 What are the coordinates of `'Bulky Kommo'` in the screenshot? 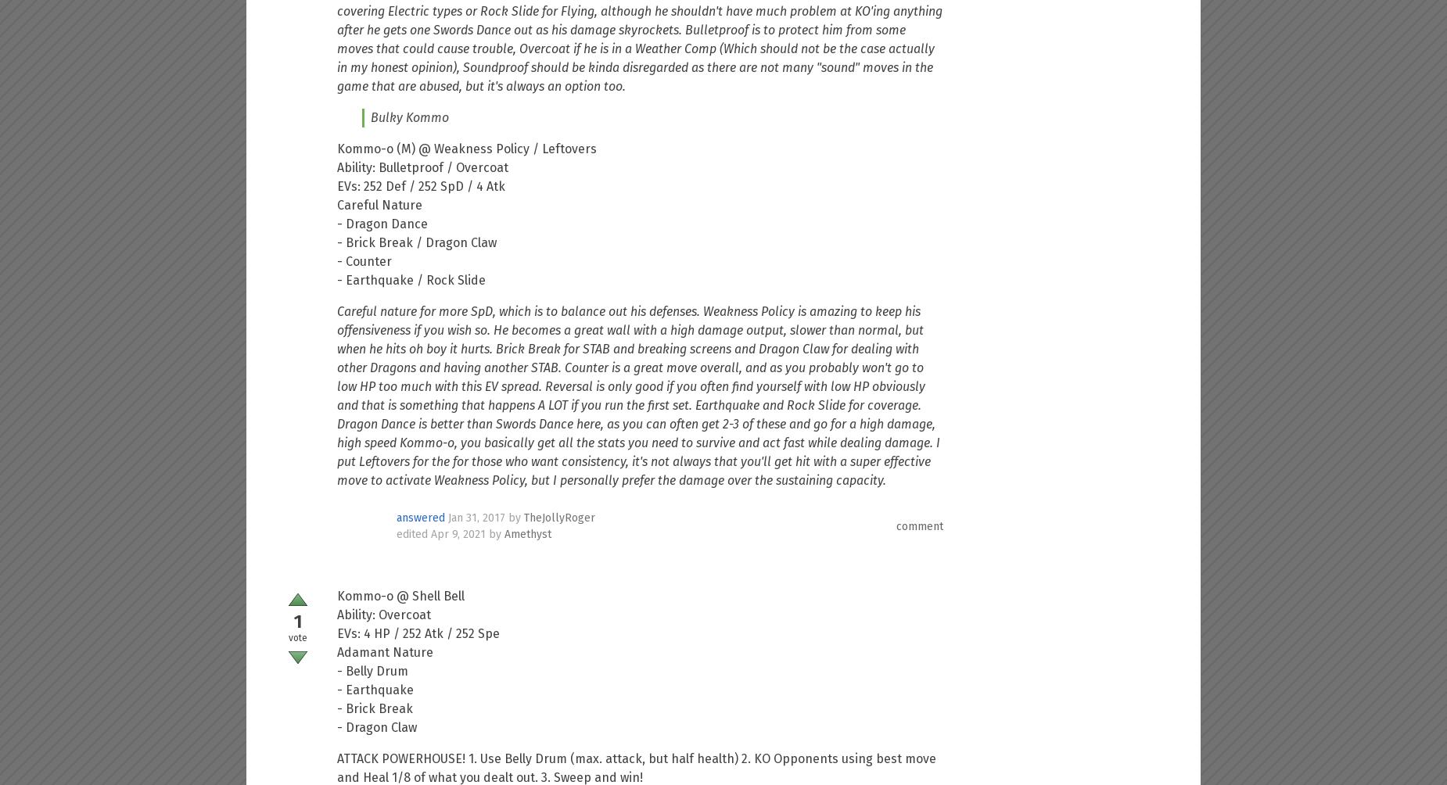 It's located at (409, 116).